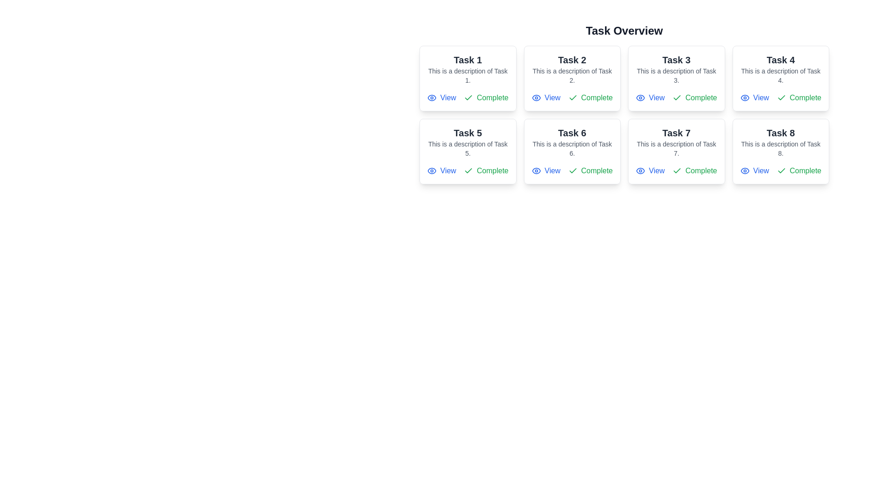 The height and width of the screenshot is (499, 888). What do you see at coordinates (486, 98) in the screenshot?
I see `the 'Complete' button with text and icon located under 'Task 1' in the first column of the first row, positioned to the right of the 'View' link` at bounding box center [486, 98].